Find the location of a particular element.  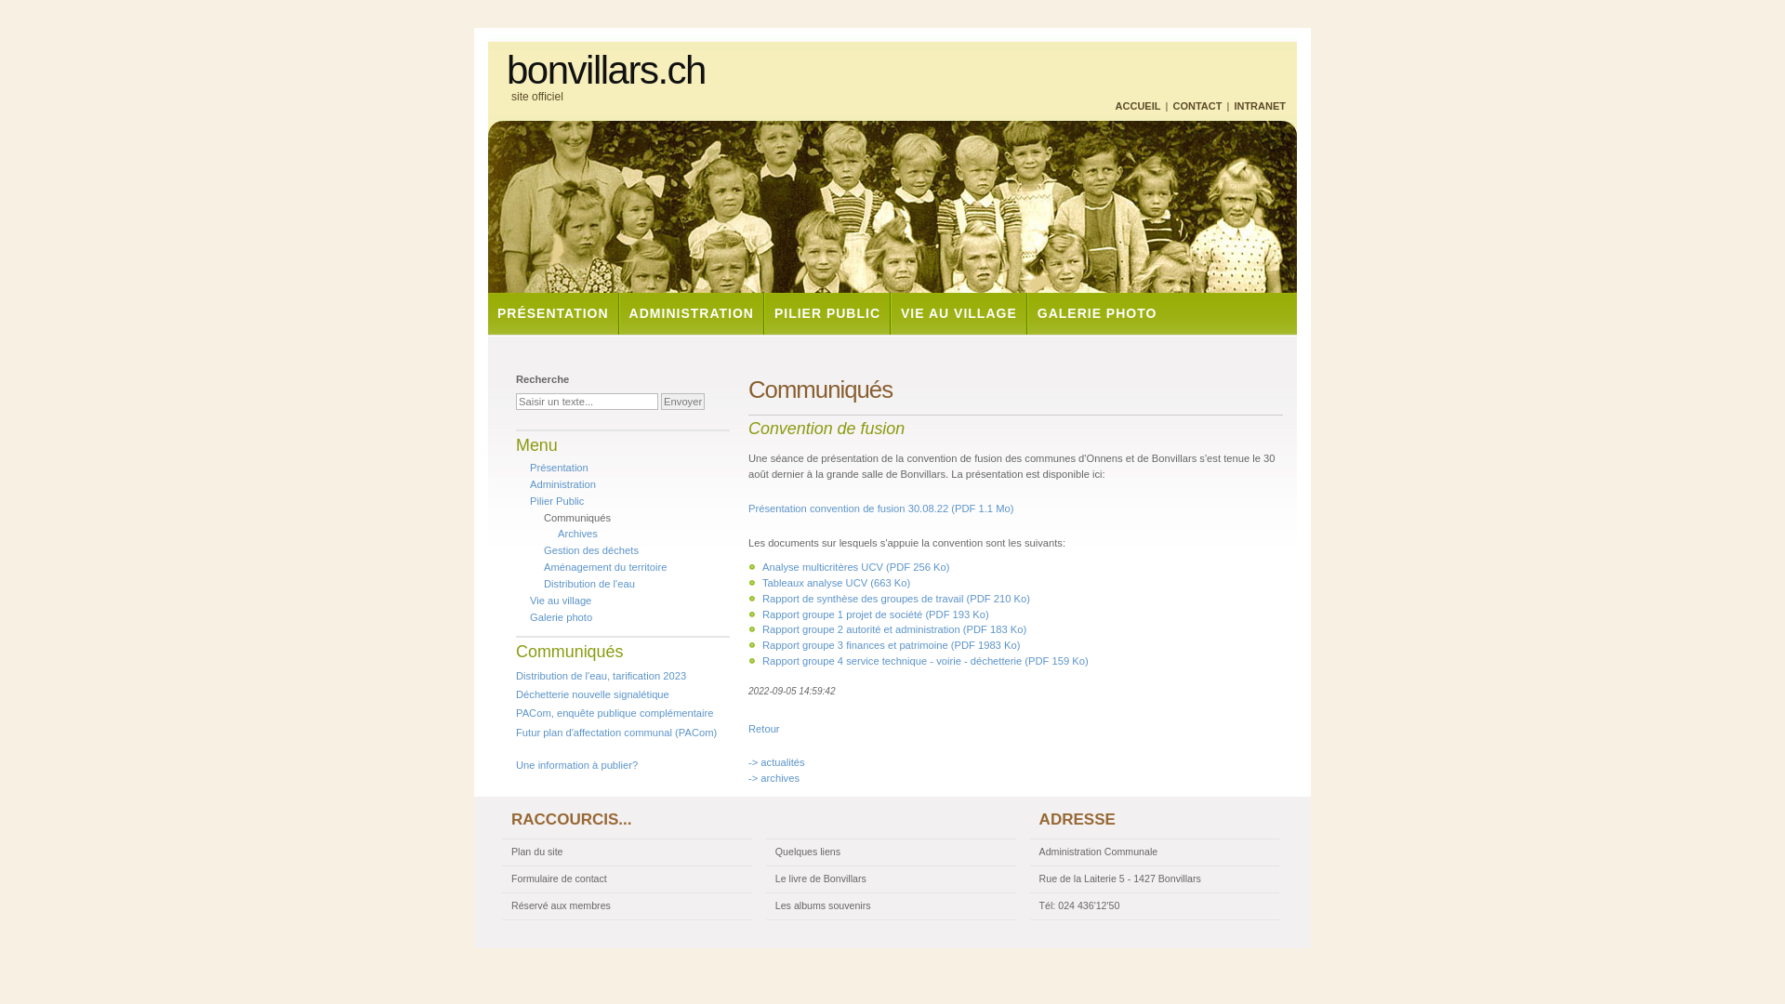

'Retour' is located at coordinates (748, 727).